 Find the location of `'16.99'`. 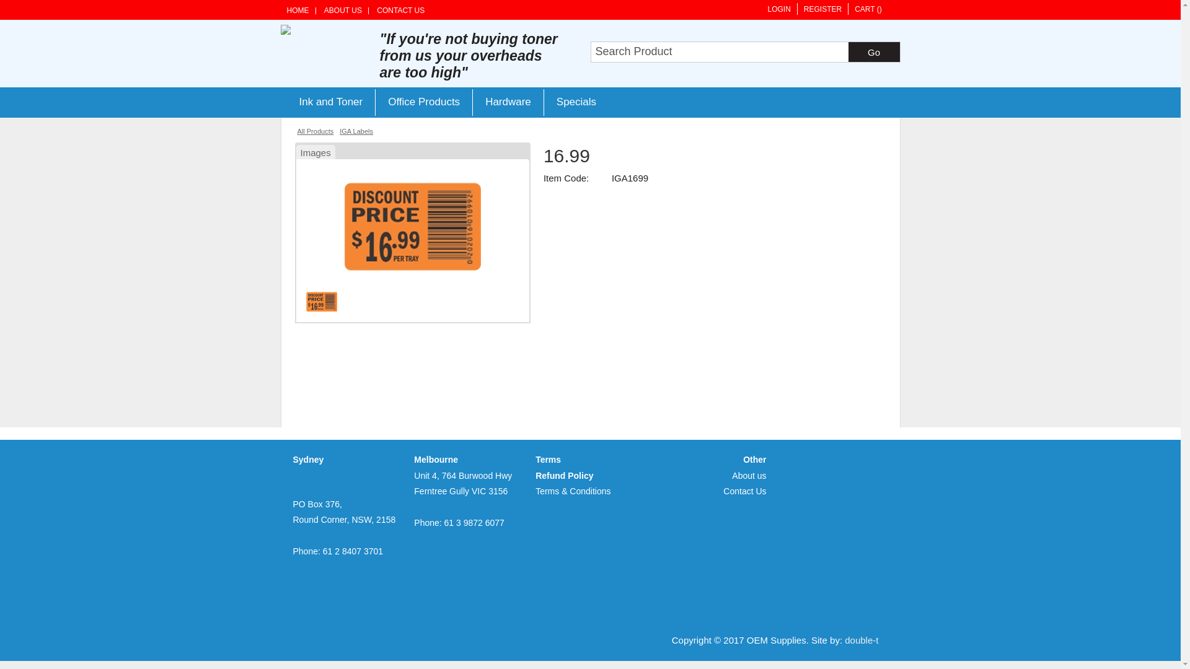

'16.99' is located at coordinates (413, 266).